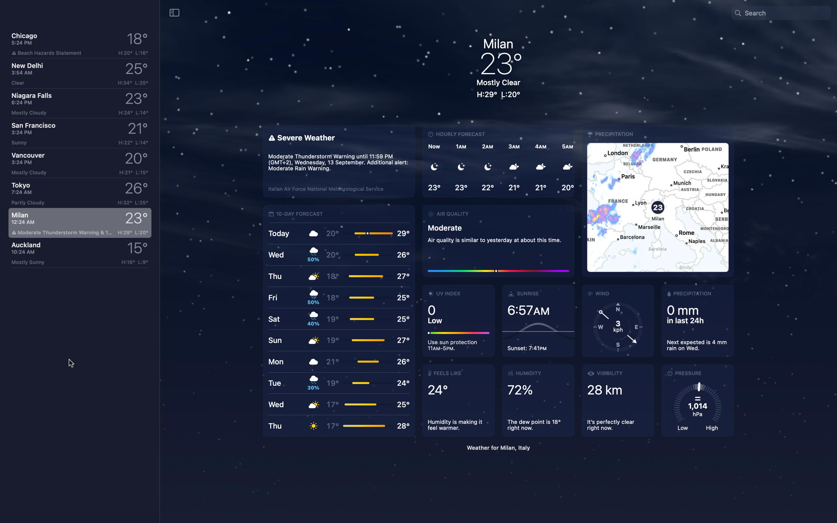 This screenshot has height=523, width=837. Describe the element at coordinates (786, 12) in the screenshot. I see `out the current temperature in "Paris France` at that location.